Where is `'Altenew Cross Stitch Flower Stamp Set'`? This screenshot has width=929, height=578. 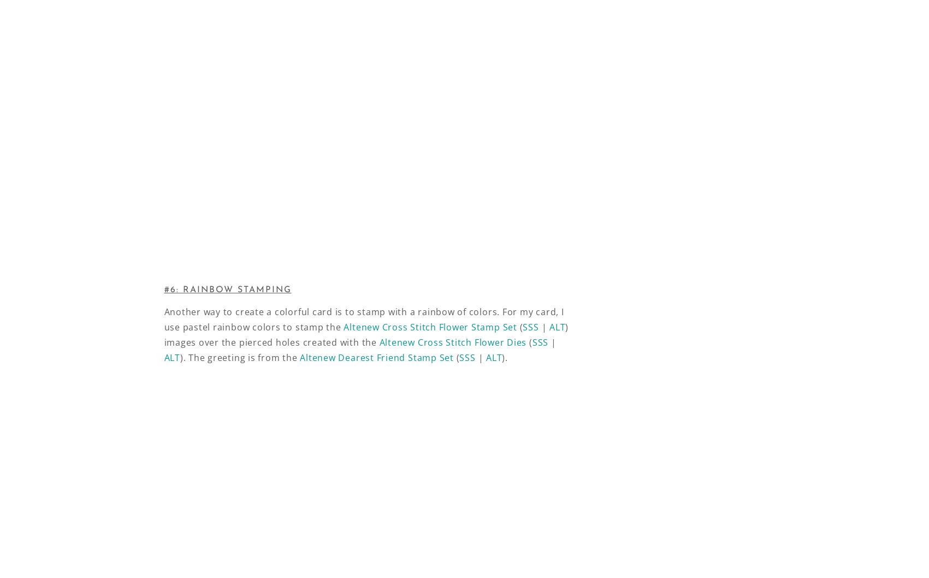 'Altenew Cross Stitch Flower Stamp Set' is located at coordinates (343, 327).